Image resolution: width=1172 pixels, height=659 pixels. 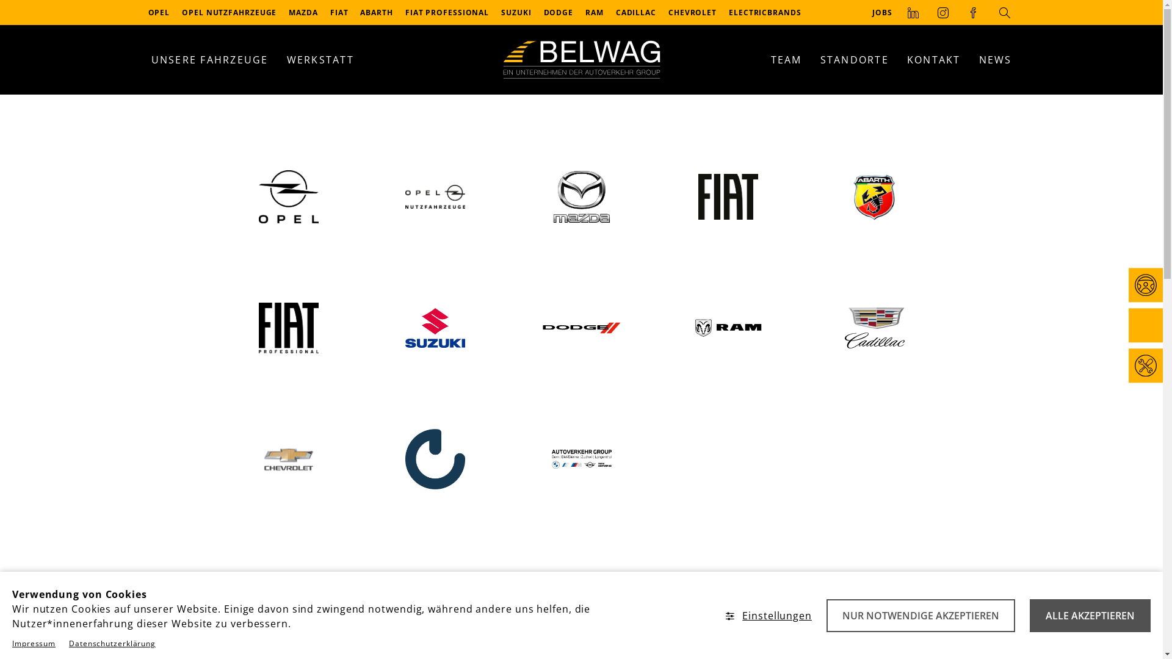 I want to click on 'Dodge', so click(x=581, y=327).